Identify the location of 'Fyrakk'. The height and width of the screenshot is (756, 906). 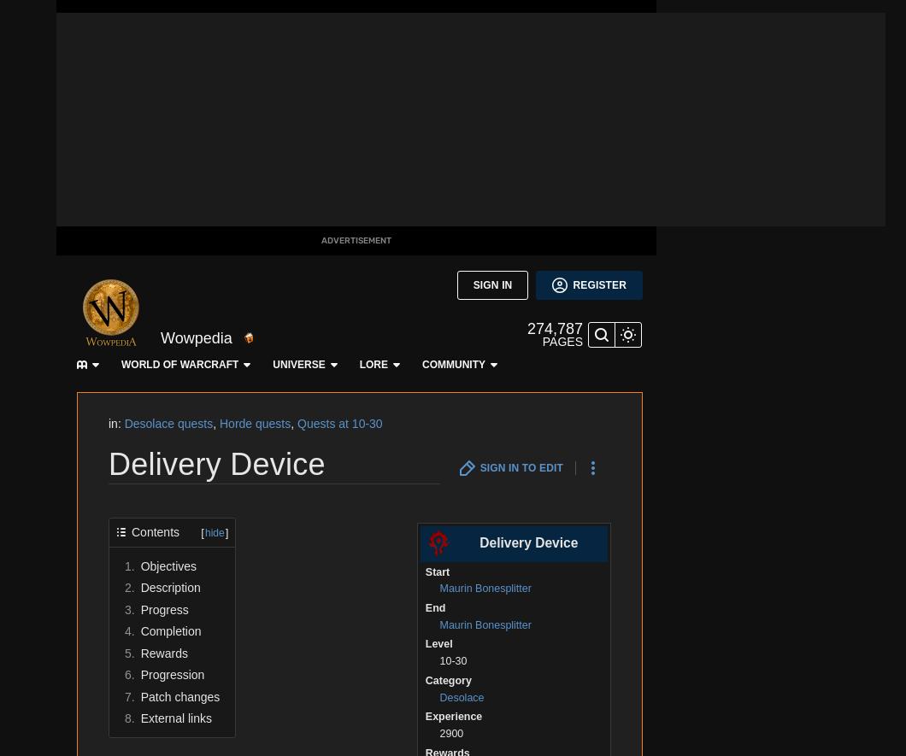
(182, 341).